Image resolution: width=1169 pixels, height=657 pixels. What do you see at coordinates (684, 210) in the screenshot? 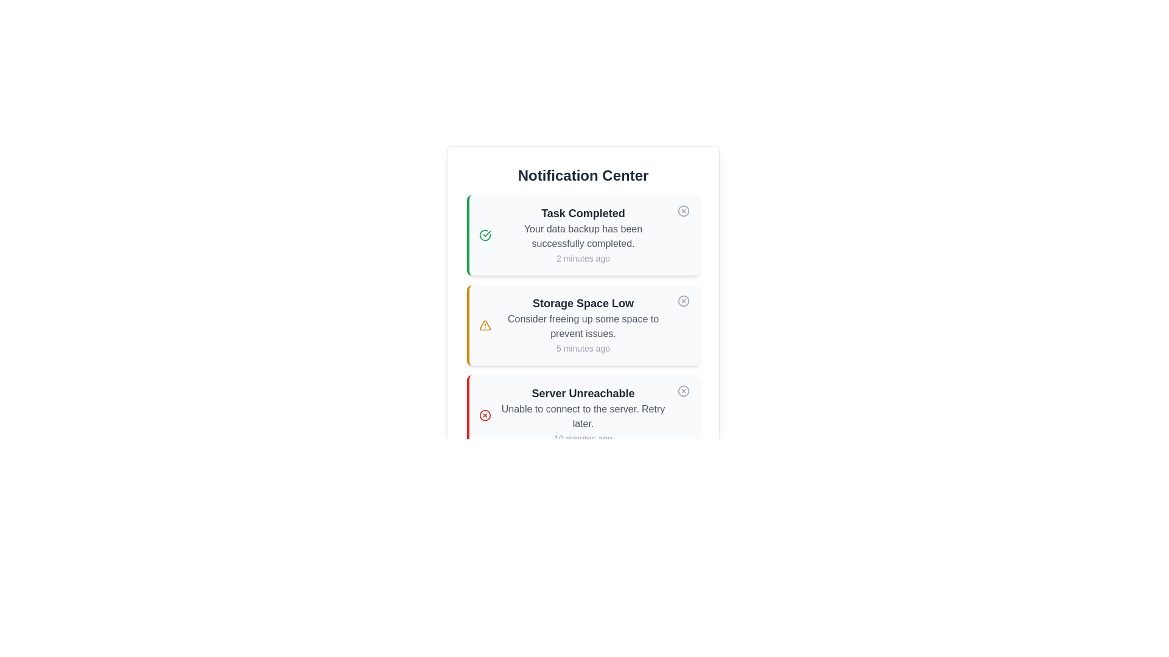
I see `the circular graphical component that is part of the close button for the 'Task Completed' notification card, positioned as the first notification in the list` at bounding box center [684, 210].